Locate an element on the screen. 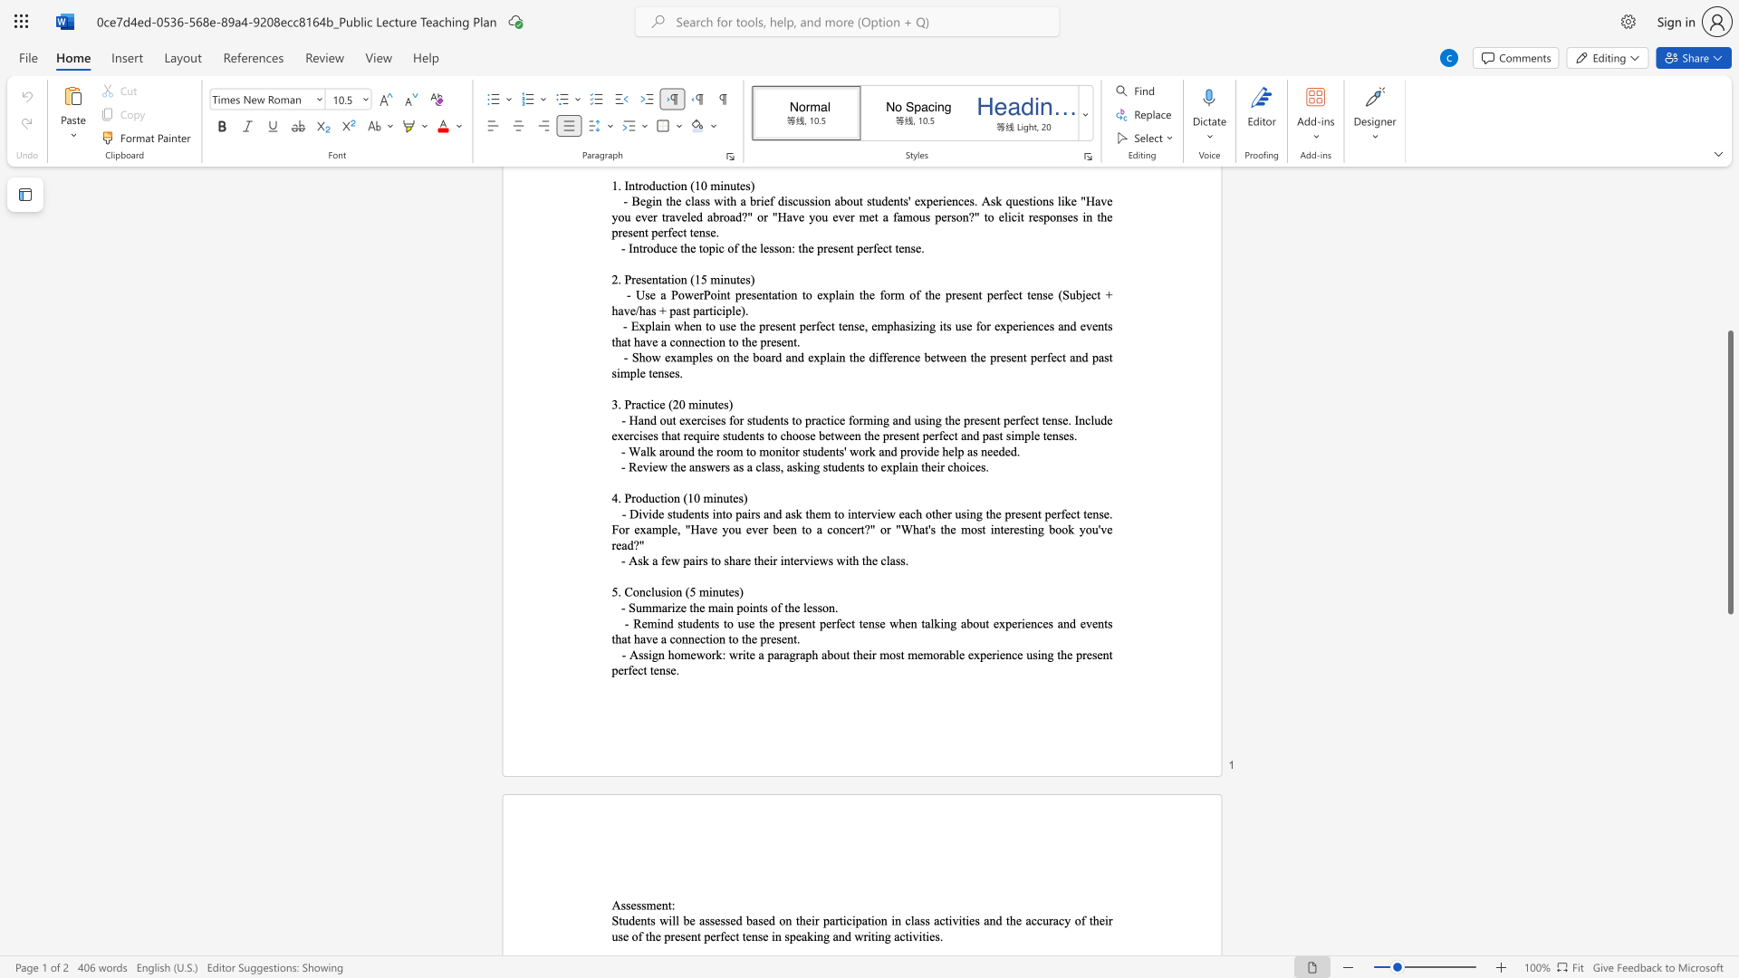  the 1th character "." in the text is located at coordinates (835, 608).